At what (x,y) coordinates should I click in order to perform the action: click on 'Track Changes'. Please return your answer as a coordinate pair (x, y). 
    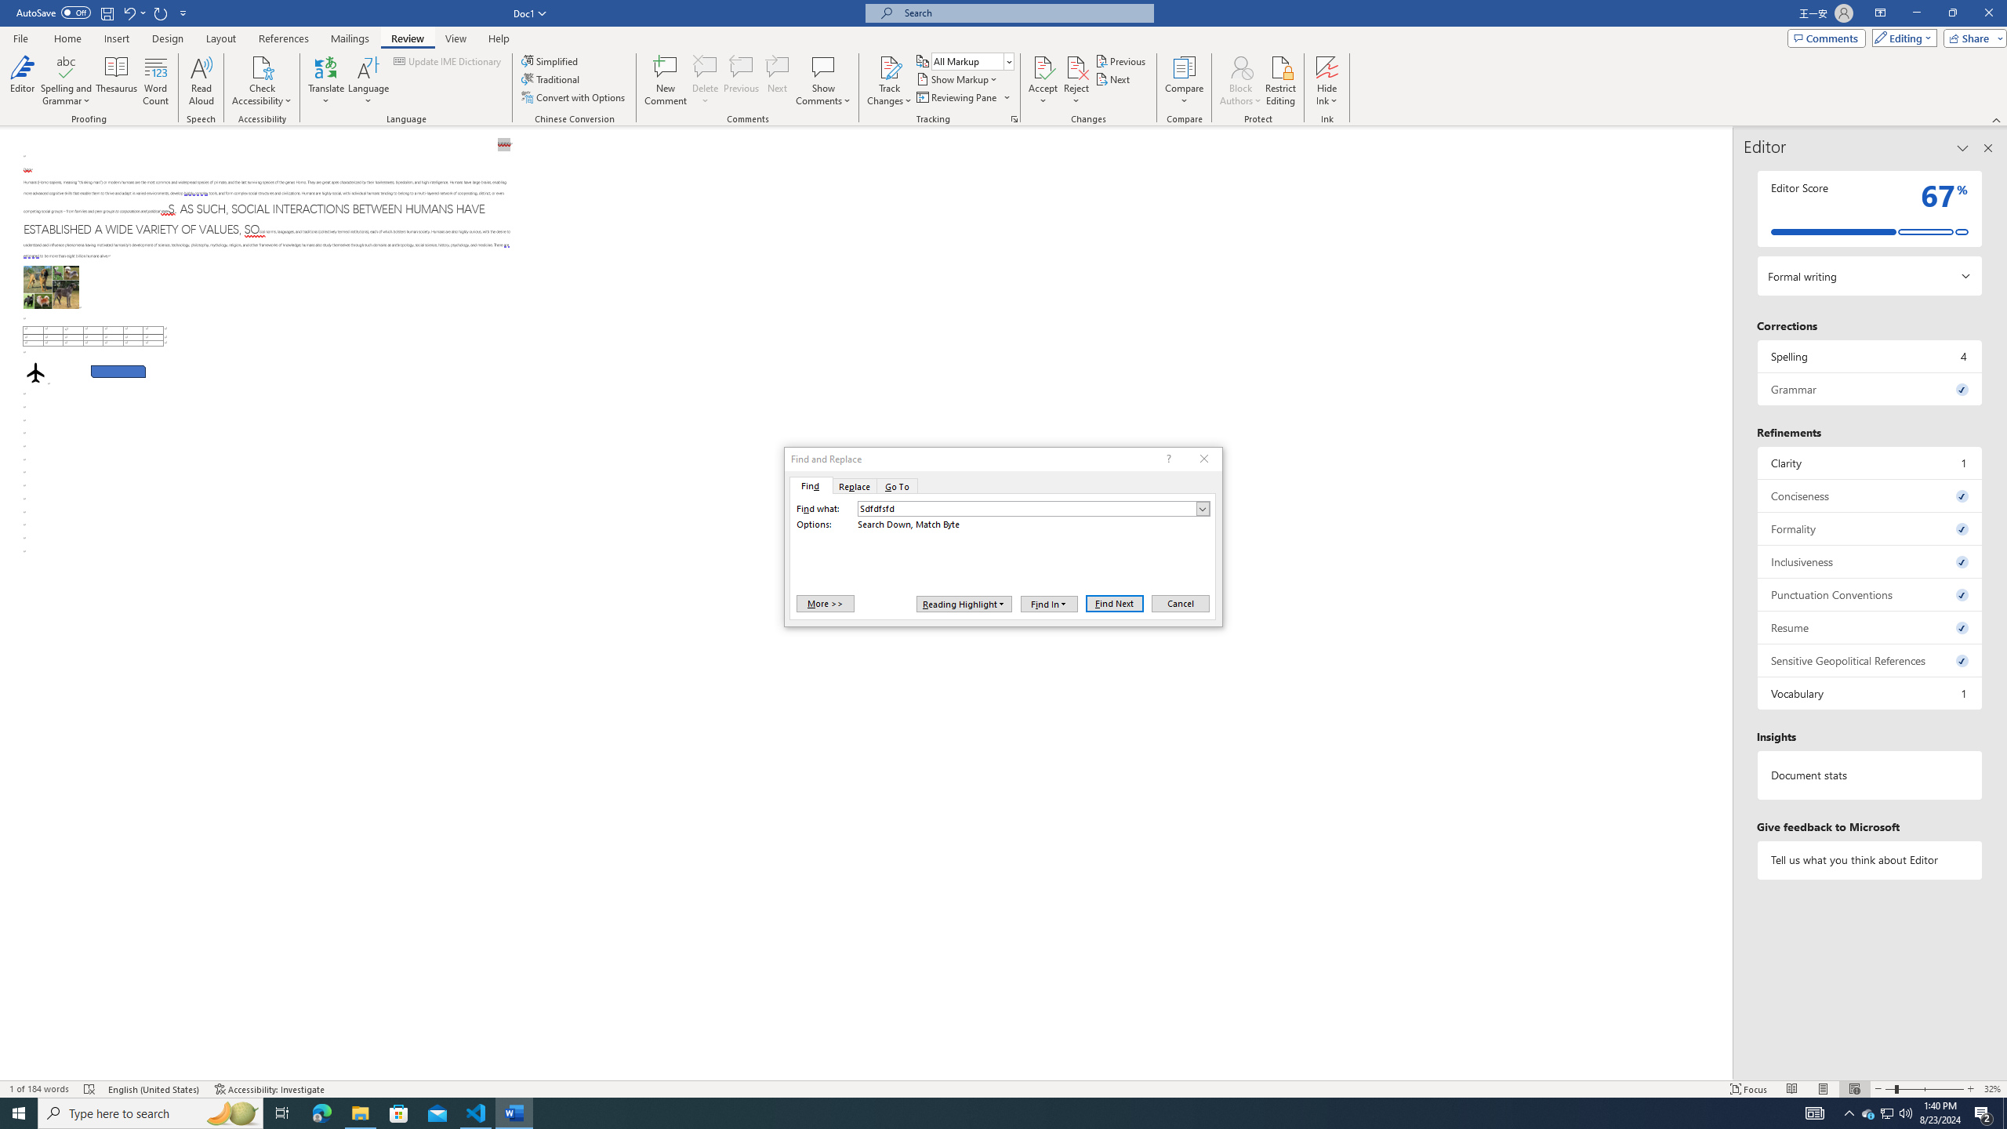
    Looking at the image, I should click on (888, 81).